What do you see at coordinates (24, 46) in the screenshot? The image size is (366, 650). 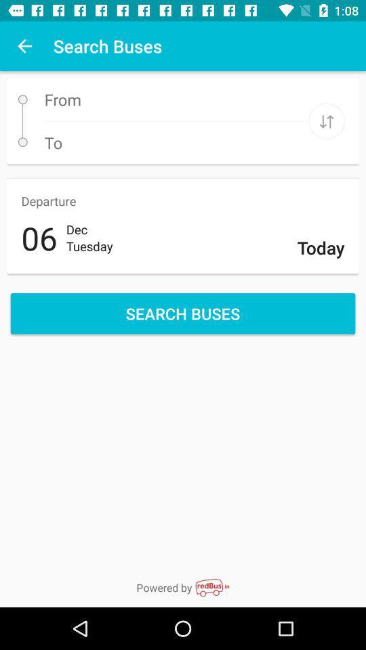 I see `the item to the left of the search buses` at bounding box center [24, 46].